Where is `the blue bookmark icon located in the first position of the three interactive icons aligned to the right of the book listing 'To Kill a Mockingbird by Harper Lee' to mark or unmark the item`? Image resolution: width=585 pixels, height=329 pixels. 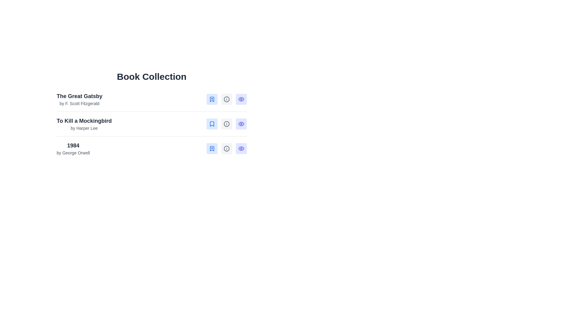 the blue bookmark icon located in the first position of the three interactive icons aligned to the right of the book listing 'To Kill a Mockingbird by Harper Lee' to mark or unmark the item is located at coordinates (212, 124).